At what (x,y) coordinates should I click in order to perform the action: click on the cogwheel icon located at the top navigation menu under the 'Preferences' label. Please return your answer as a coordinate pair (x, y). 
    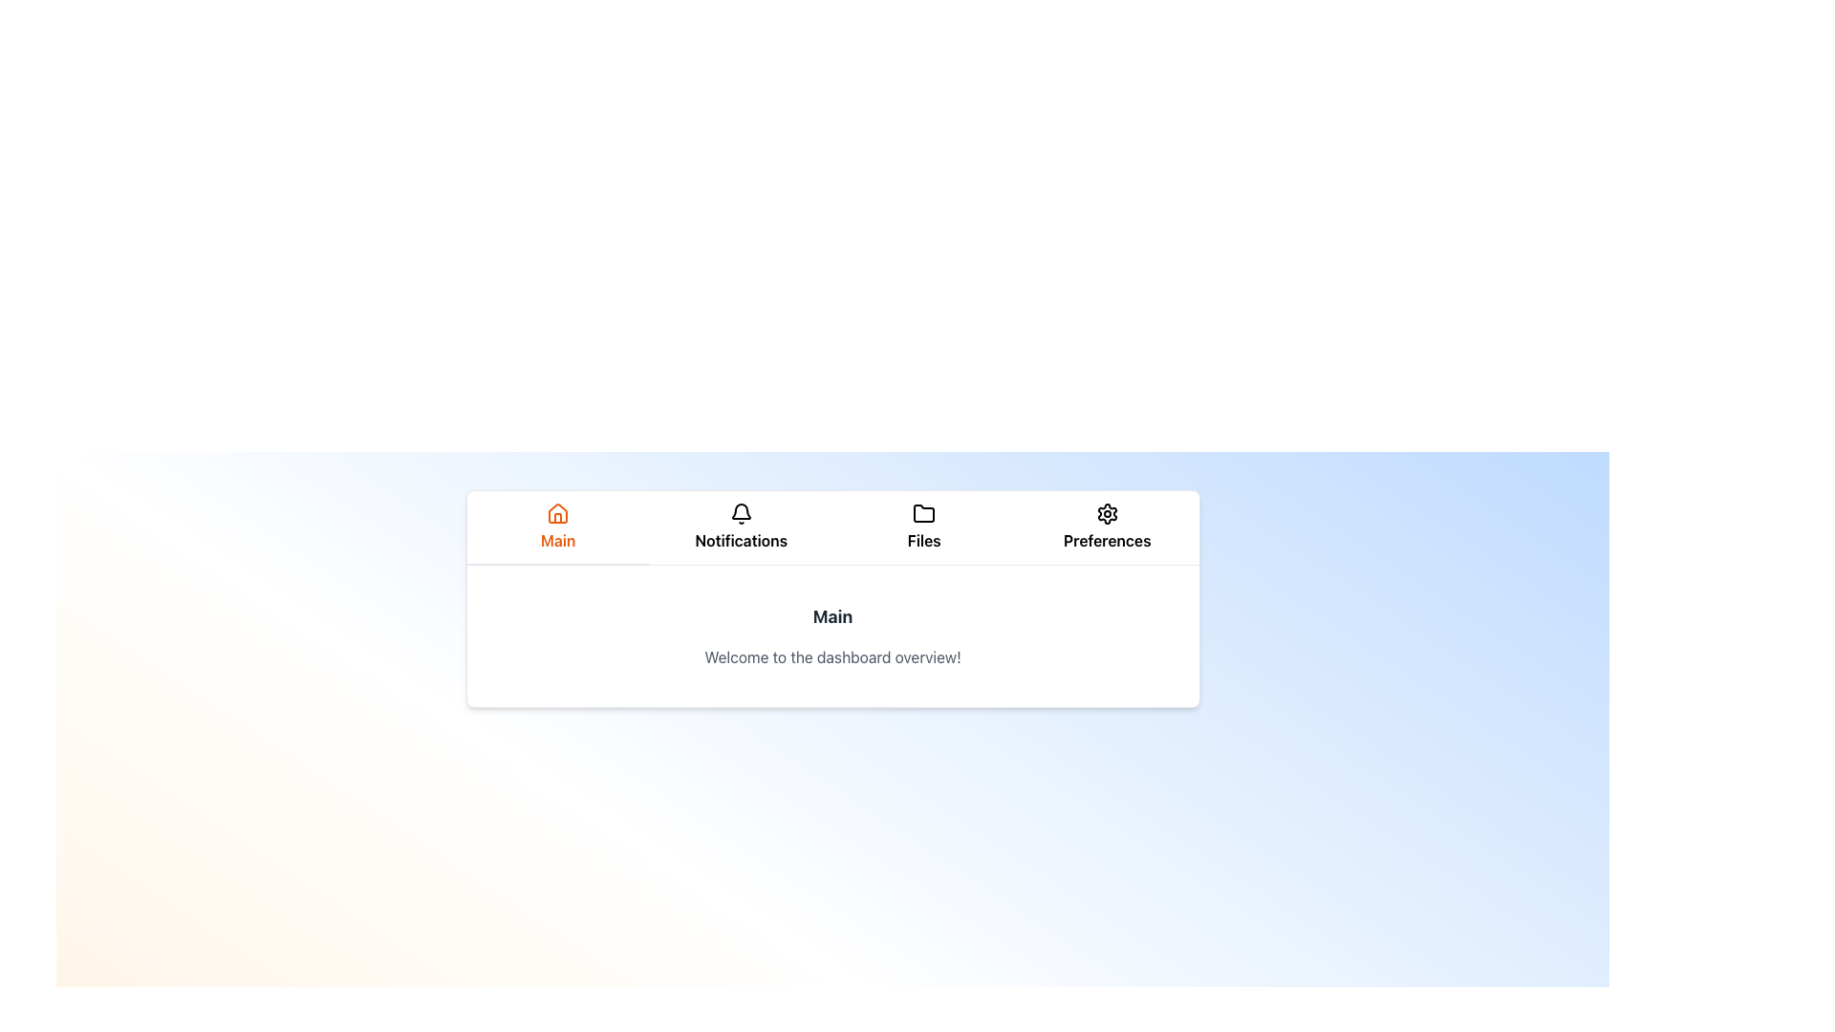
    Looking at the image, I should click on (1107, 512).